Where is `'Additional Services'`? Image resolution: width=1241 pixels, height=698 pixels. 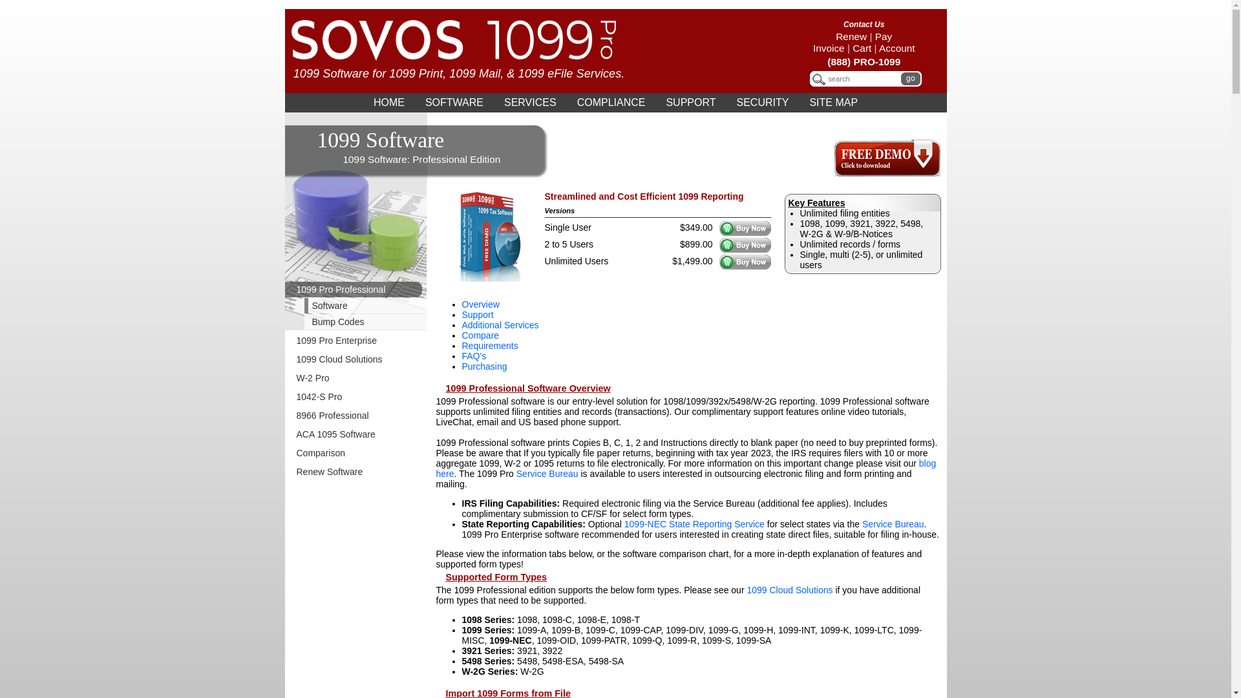 'Additional Services' is located at coordinates (499, 324).